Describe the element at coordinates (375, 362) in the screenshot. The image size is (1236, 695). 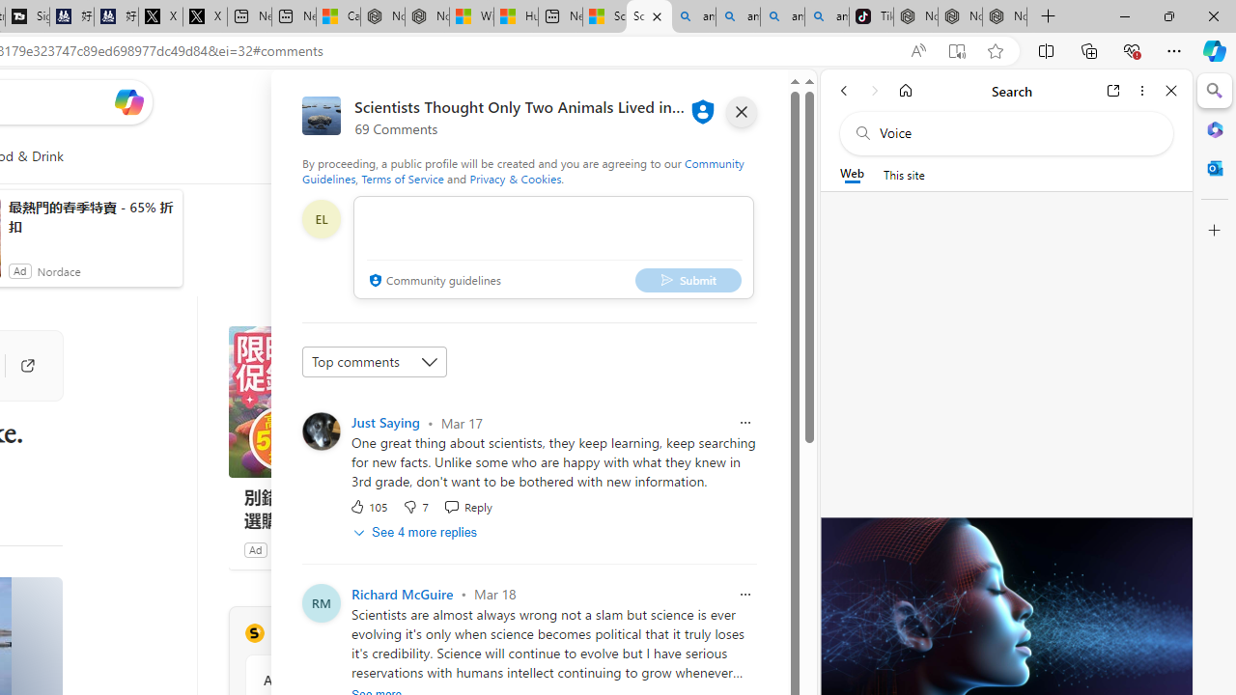
I see `'Sort comments by'` at that location.